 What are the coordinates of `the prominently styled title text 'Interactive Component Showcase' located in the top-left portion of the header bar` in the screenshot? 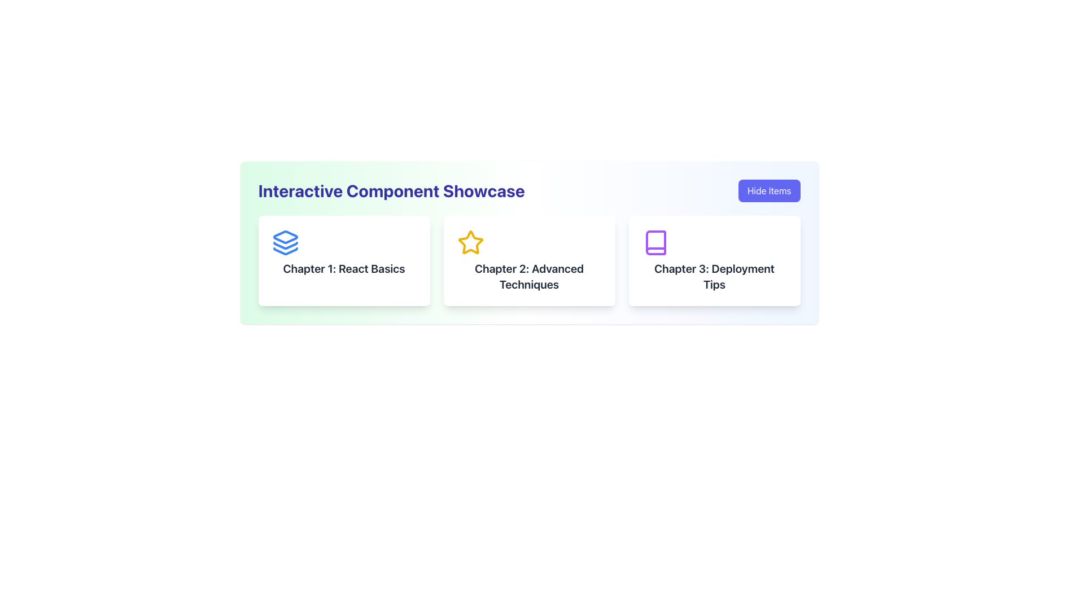 It's located at (391, 190).